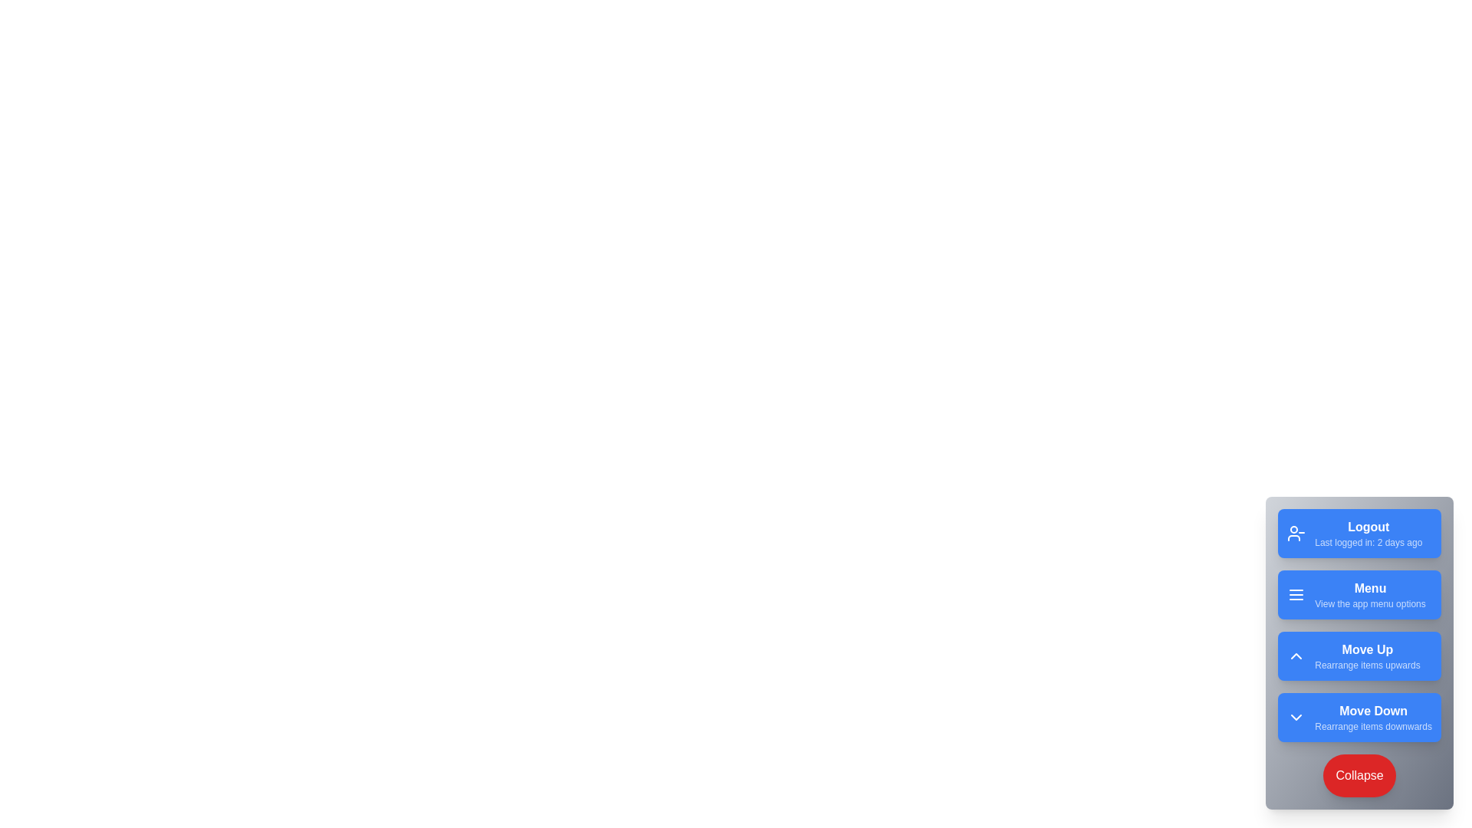  I want to click on the text label within the blue button that moves an item down in a list, located above the red 'Collapse' button, so click(1373, 718).